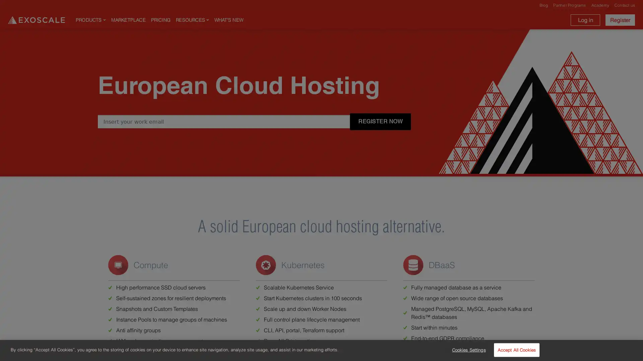 This screenshot has height=361, width=643. I want to click on REGISTER NOW, so click(380, 121).